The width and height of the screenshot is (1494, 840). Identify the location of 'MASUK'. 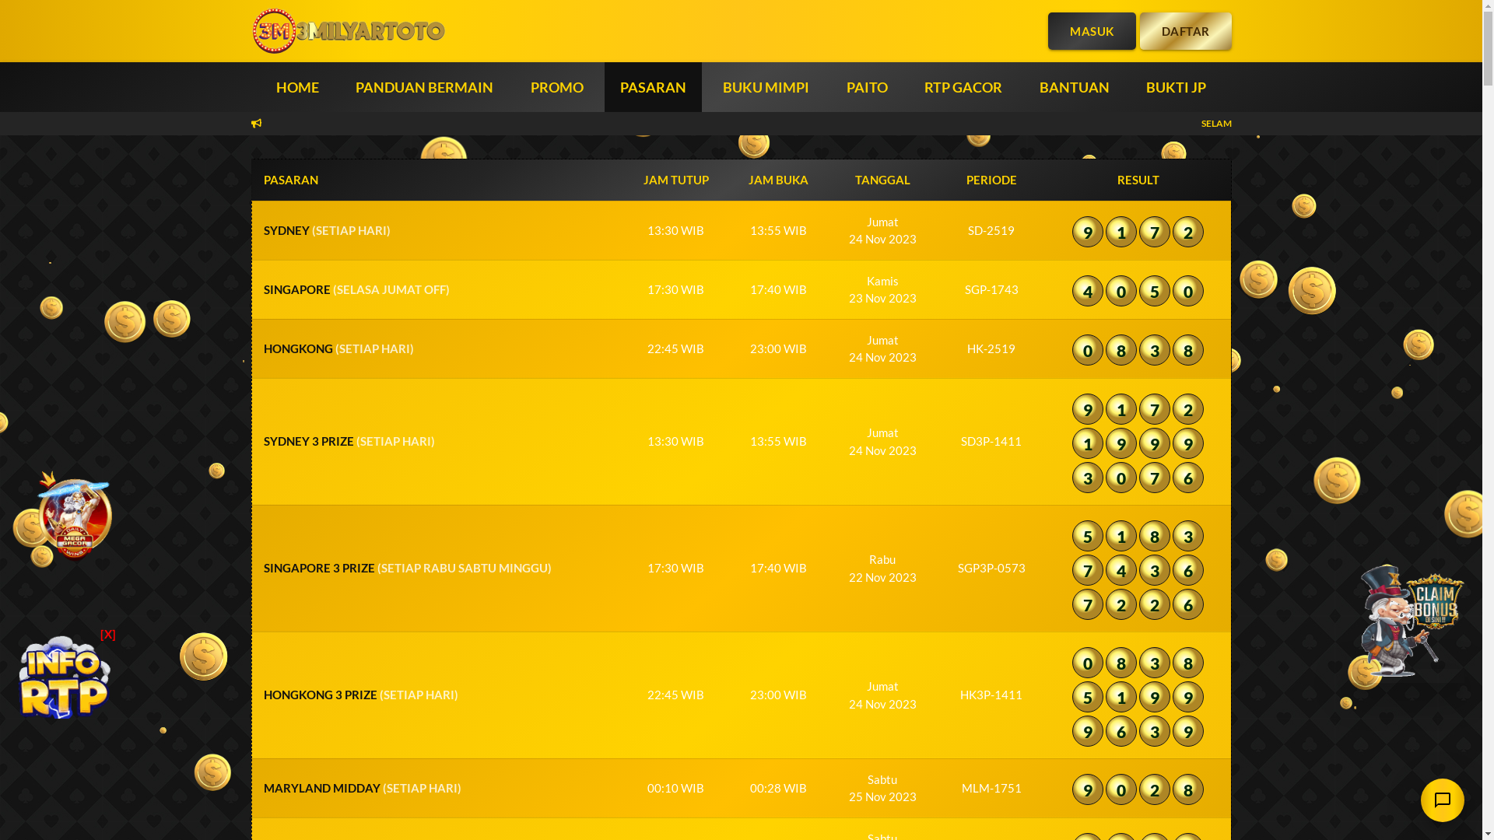
(1091, 30).